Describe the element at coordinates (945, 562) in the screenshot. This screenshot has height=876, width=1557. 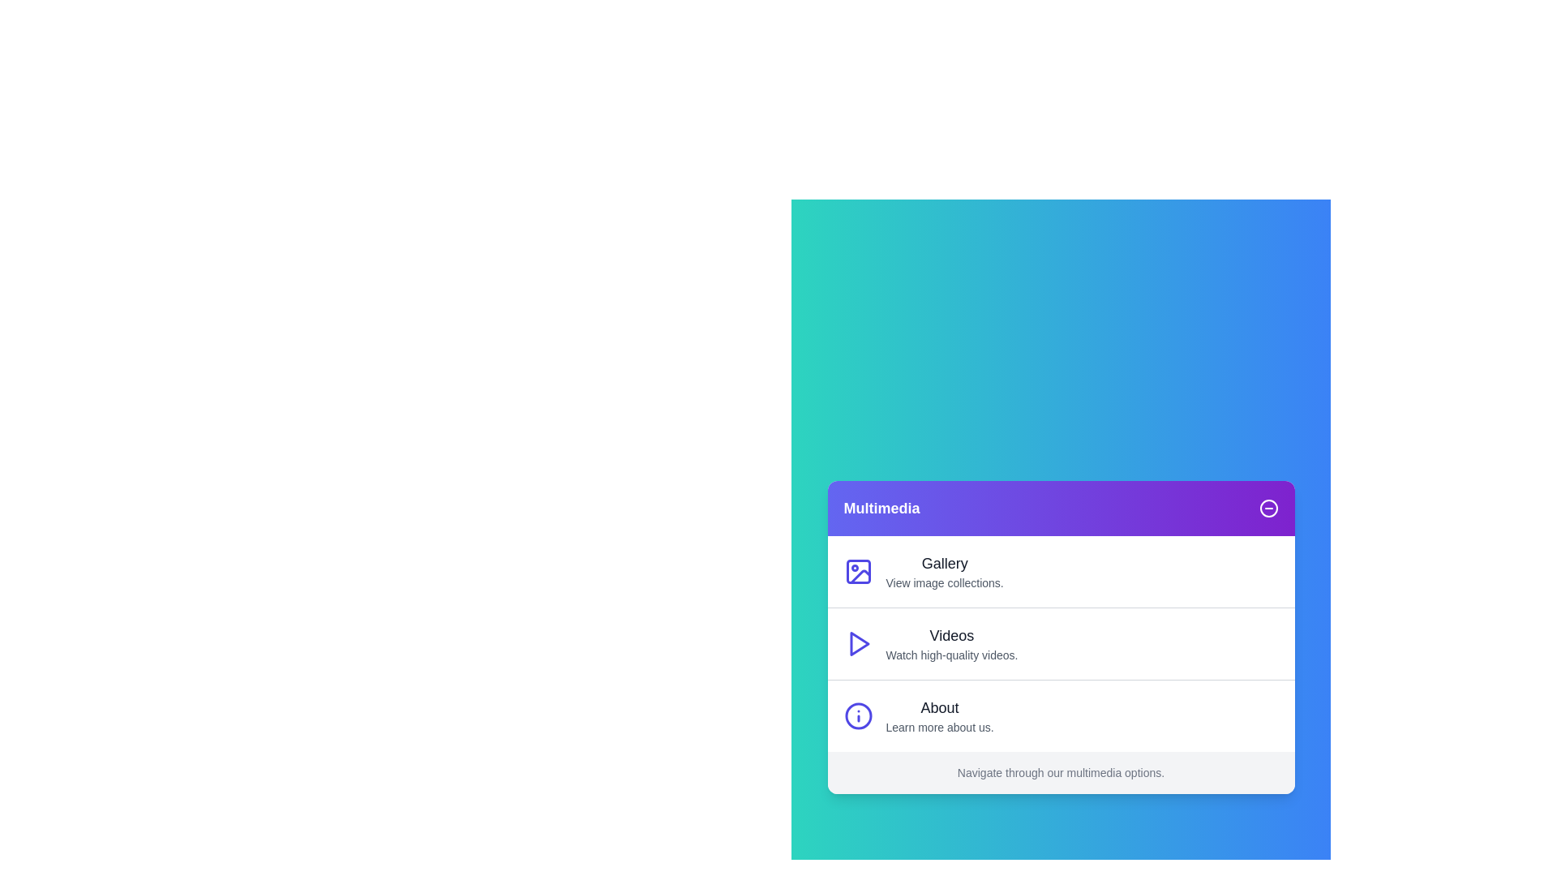
I see `the menu item to read its description: Gallery` at that location.